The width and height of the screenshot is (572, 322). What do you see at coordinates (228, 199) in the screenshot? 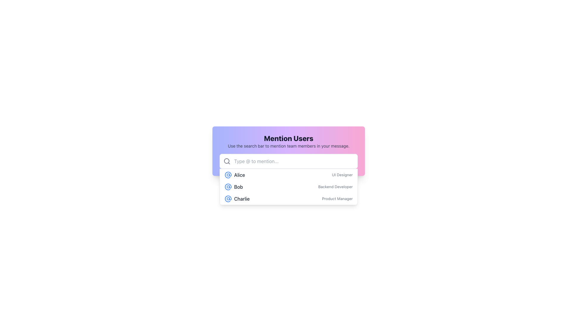
I see `the '@' icon next to the username 'Charlie' in the dropdown mention list to activate the mention feature` at bounding box center [228, 199].